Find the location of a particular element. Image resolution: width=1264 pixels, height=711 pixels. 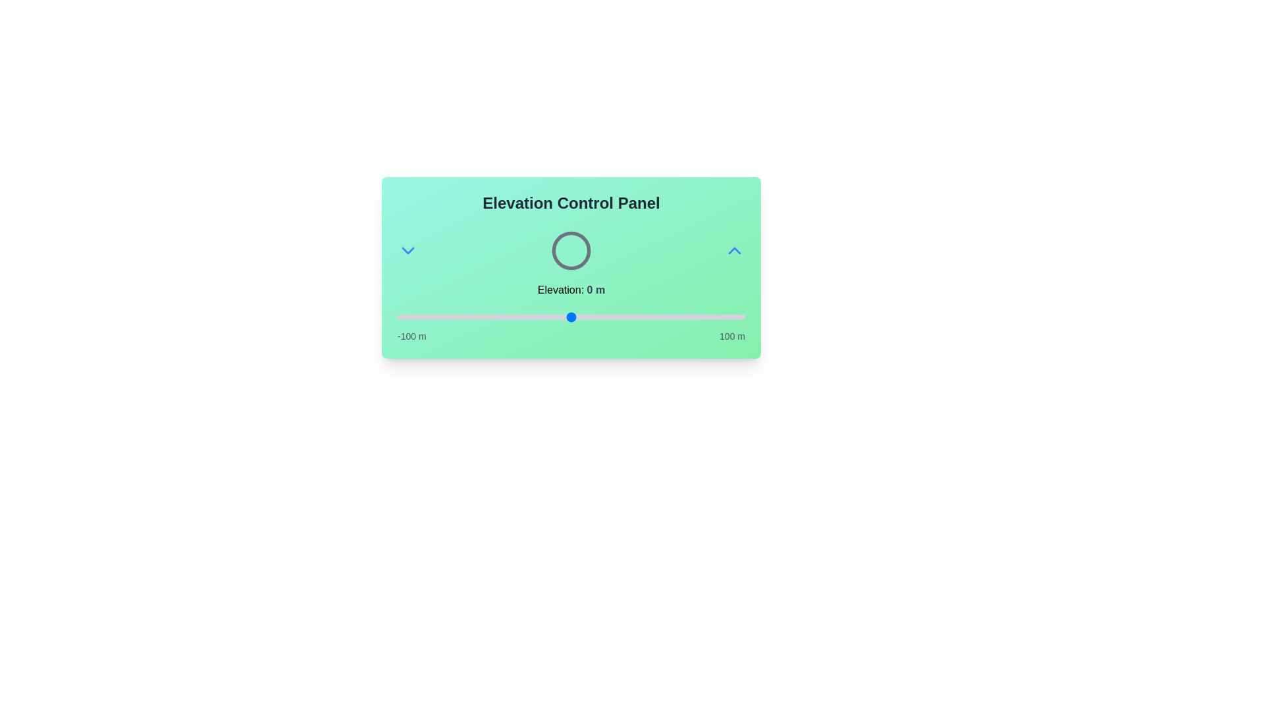

the elevation to 20 meters using the slider is located at coordinates (605, 317).